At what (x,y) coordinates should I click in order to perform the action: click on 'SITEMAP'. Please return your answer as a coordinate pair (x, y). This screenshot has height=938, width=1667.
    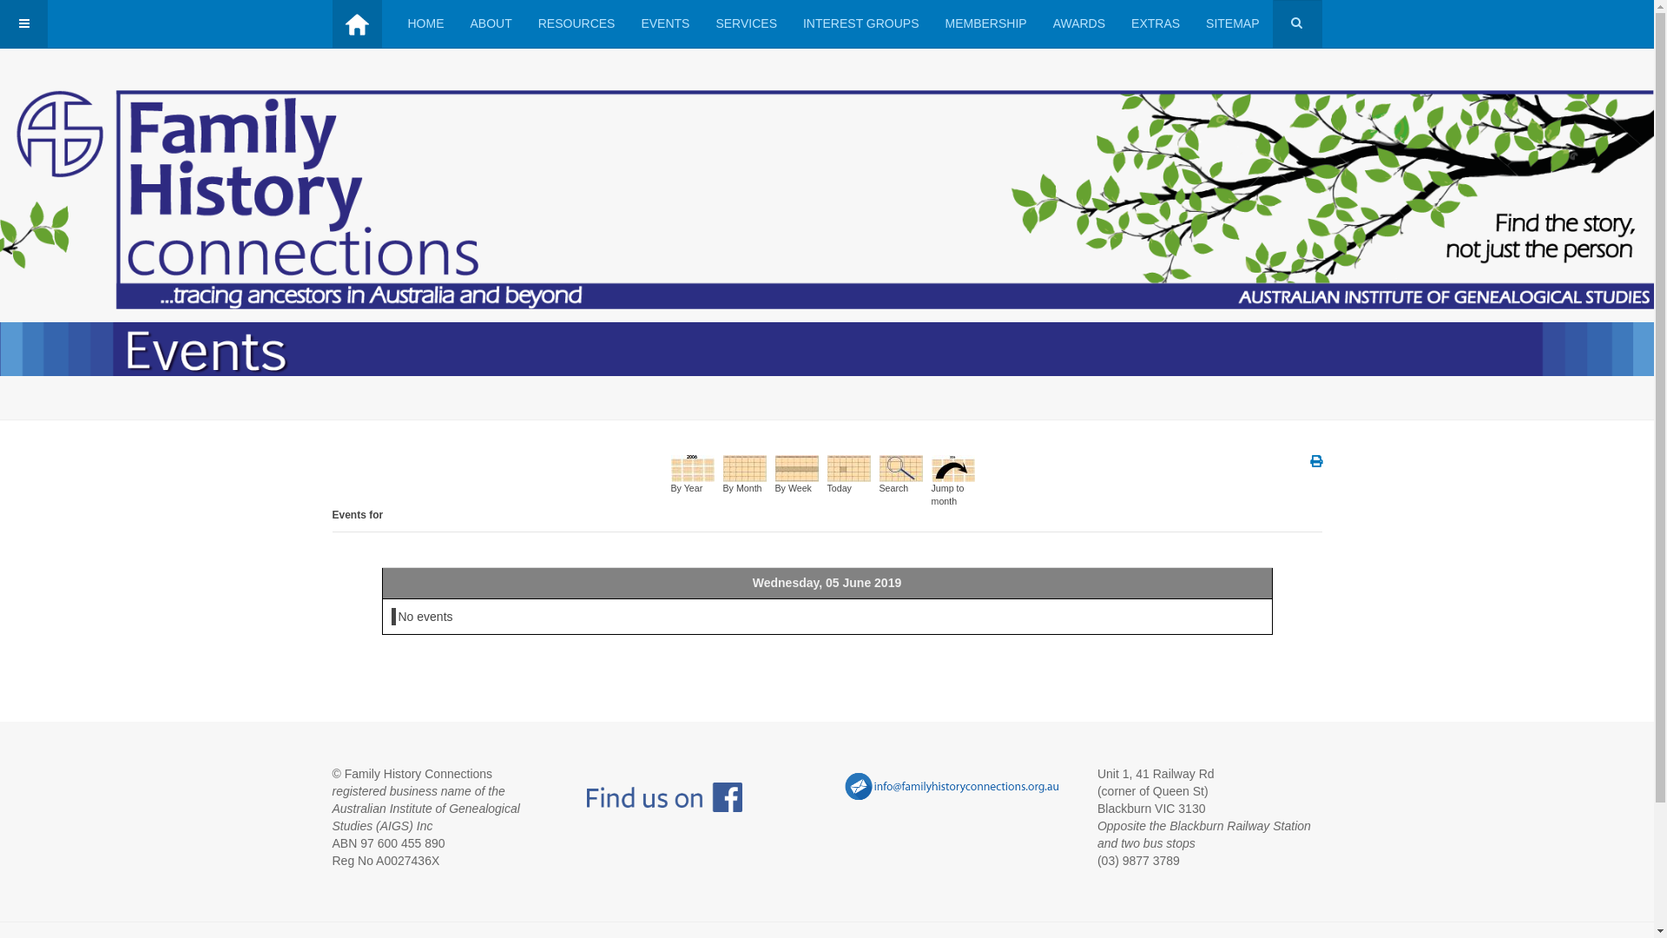
    Looking at the image, I should click on (1231, 23).